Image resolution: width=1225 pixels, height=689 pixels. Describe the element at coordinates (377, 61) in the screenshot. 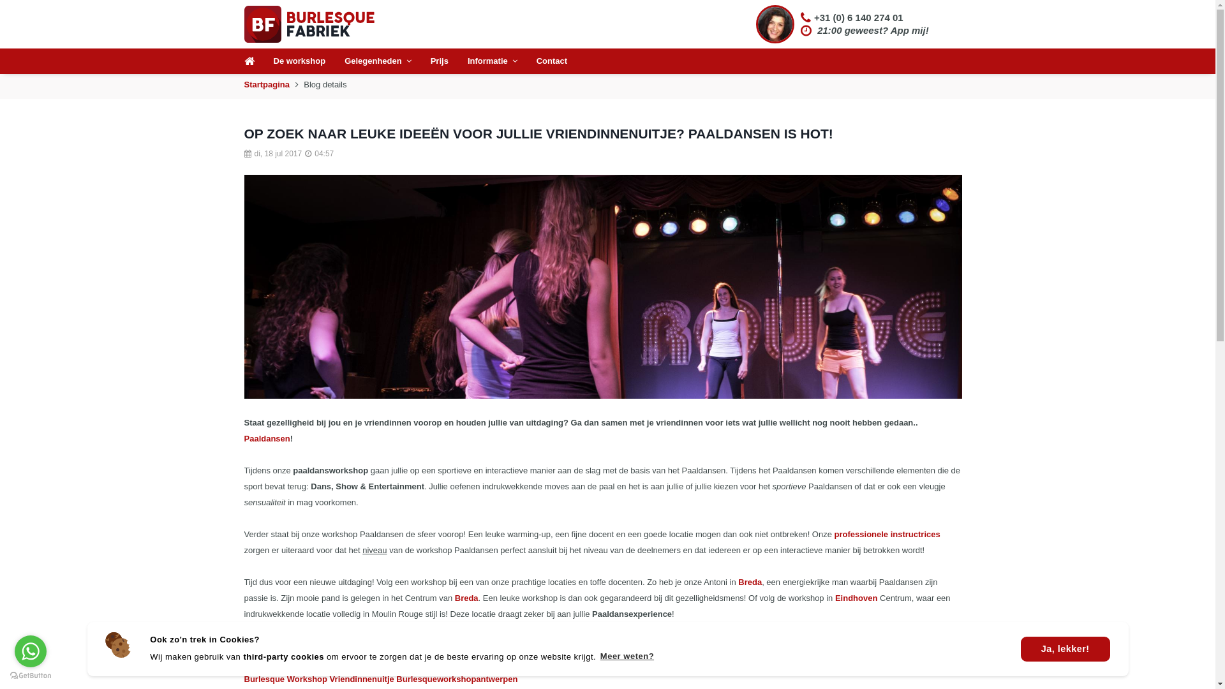

I see `'Gelegenheden'` at that location.